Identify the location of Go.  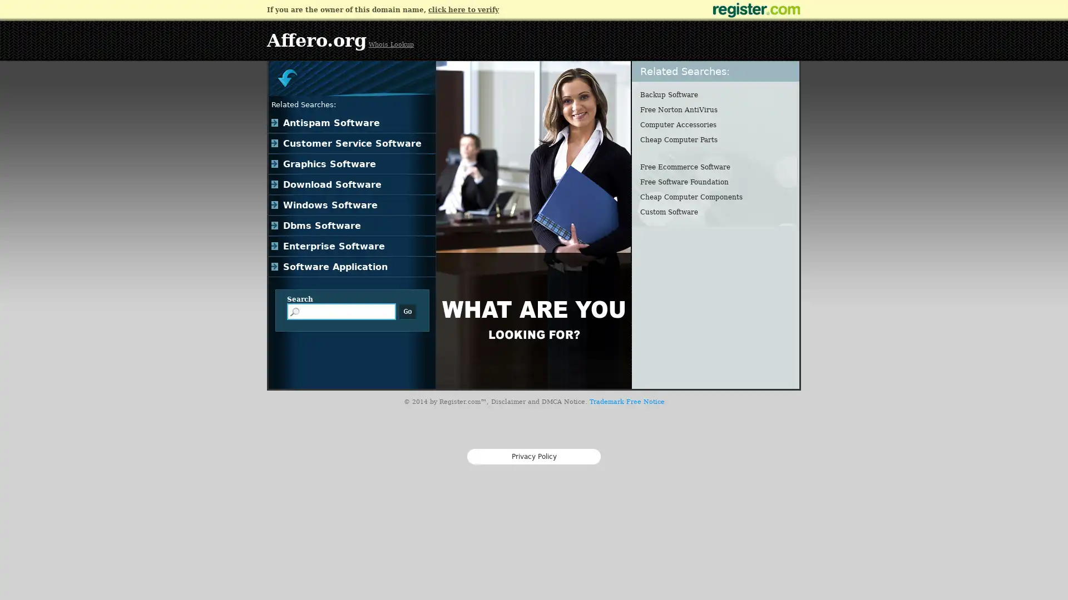
(407, 311).